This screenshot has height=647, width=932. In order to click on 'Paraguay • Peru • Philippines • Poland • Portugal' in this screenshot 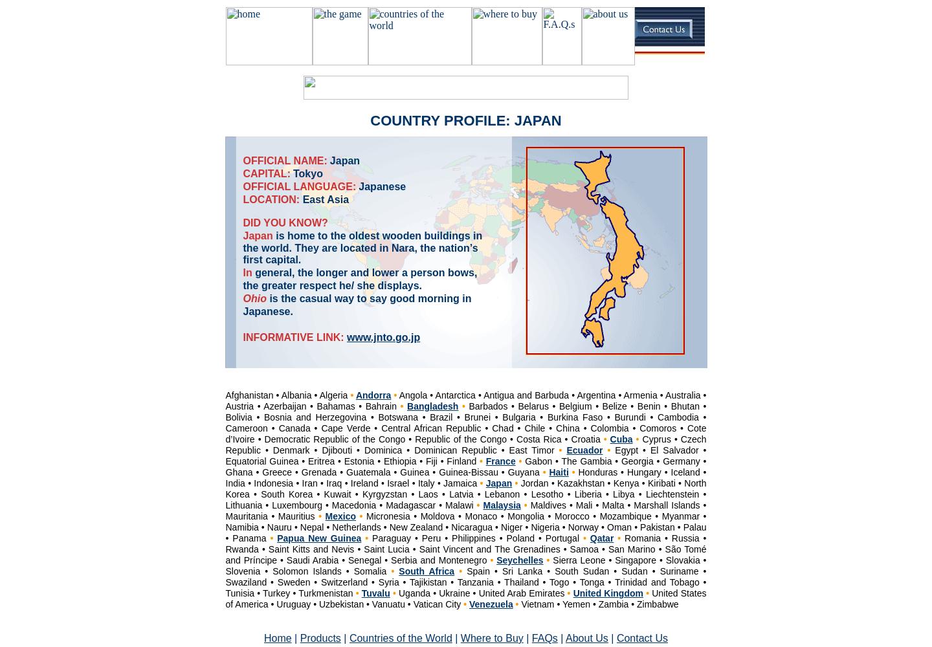, I will do `click(474, 538)`.